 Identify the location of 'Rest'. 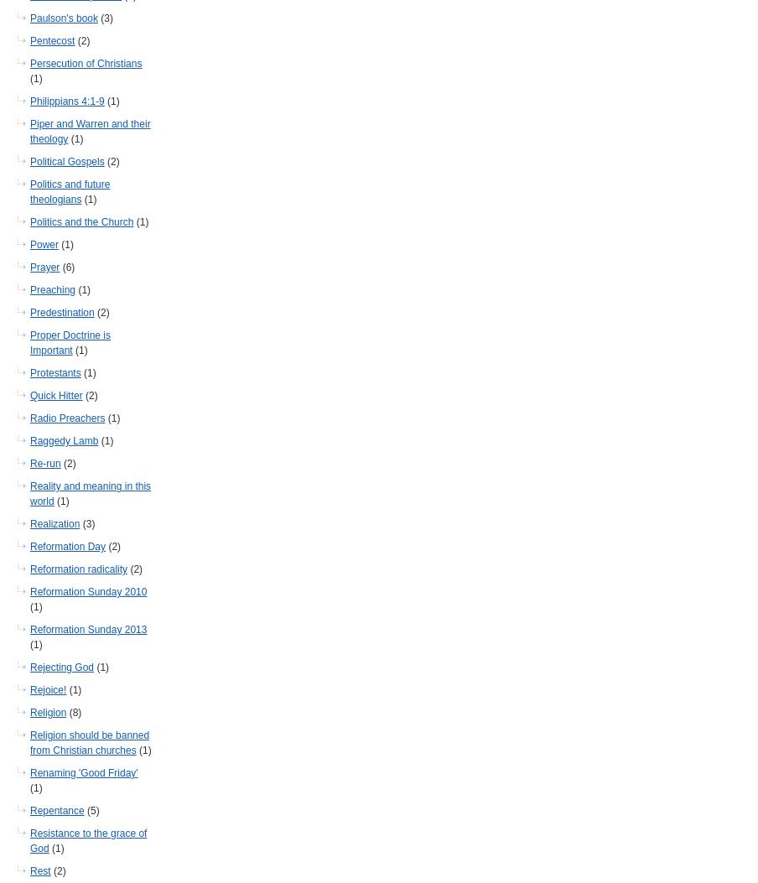
(39, 870).